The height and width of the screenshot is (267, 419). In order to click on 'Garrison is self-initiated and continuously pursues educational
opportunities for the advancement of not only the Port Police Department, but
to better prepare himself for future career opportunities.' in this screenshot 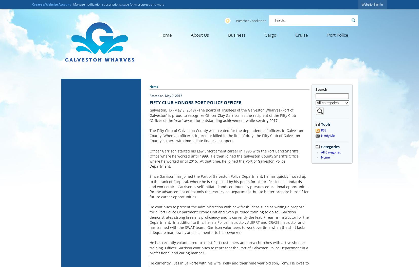, I will do `click(229, 191)`.